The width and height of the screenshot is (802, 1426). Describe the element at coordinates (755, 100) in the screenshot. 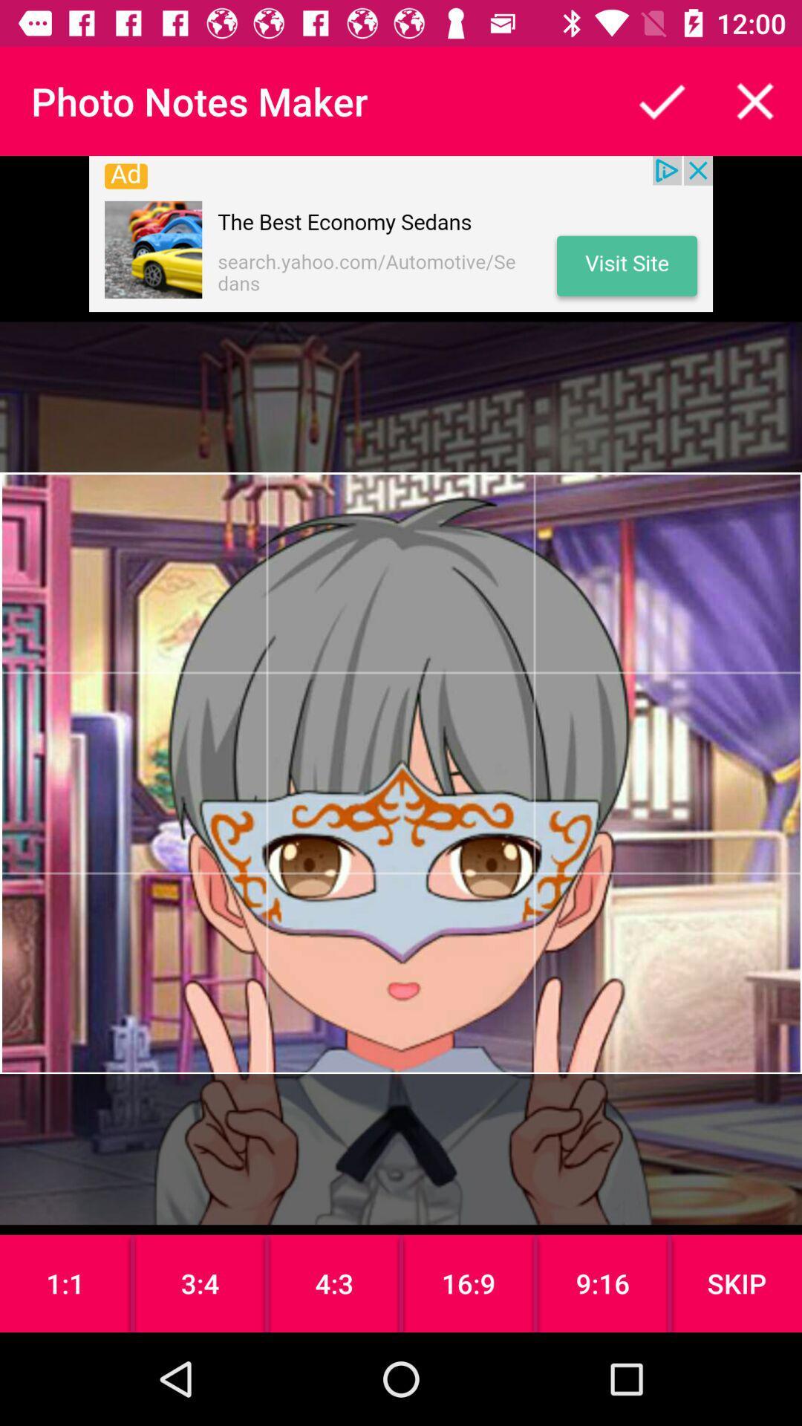

I see `page` at that location.